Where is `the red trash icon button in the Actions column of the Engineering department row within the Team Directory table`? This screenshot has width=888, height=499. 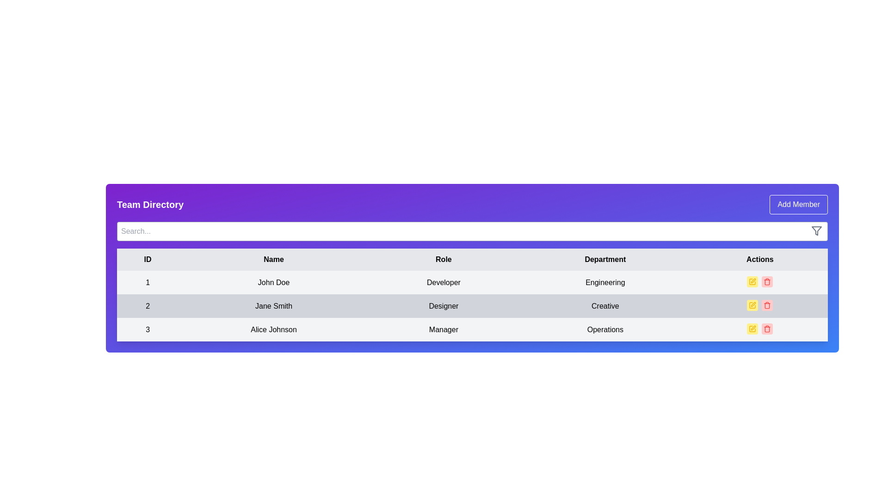 the red trash icon button in the Actions column of the Engineering department row within the Team Directory table is located at coordinates (767, 281).